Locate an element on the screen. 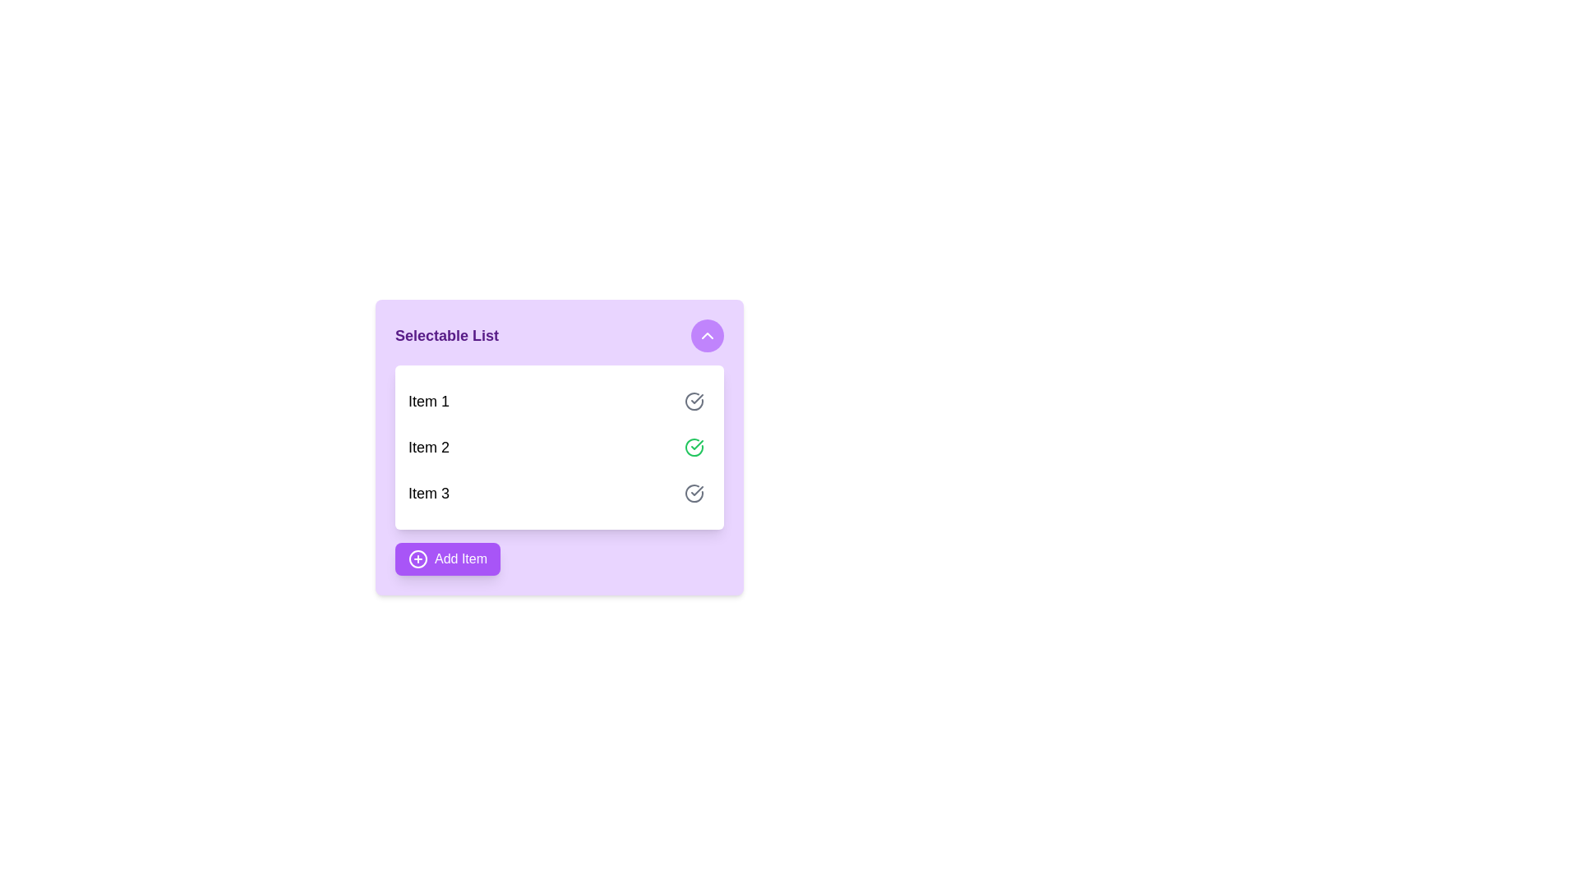 The height and width of the screenshot is (887, 1578). the toggle icon located on the far right side of the second row, next to the 'Item 2' label, to change its state is located at coordinates (697, 445).